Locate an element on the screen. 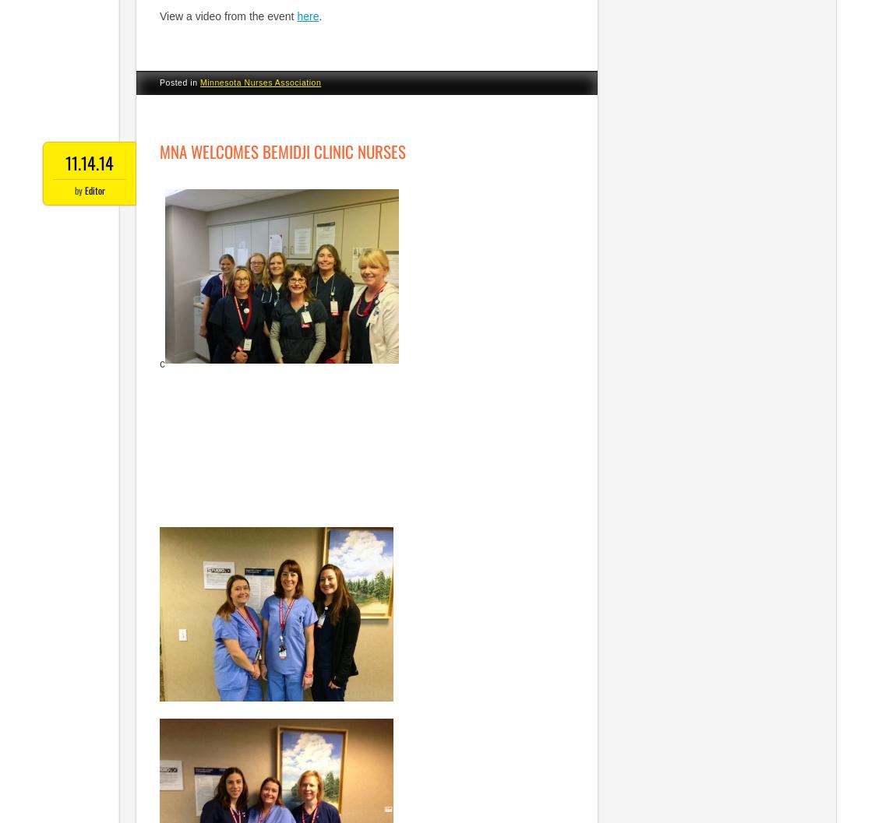 This screenshot has width=896, height=823. 'Posted in' is located at coordinates (178, 82).